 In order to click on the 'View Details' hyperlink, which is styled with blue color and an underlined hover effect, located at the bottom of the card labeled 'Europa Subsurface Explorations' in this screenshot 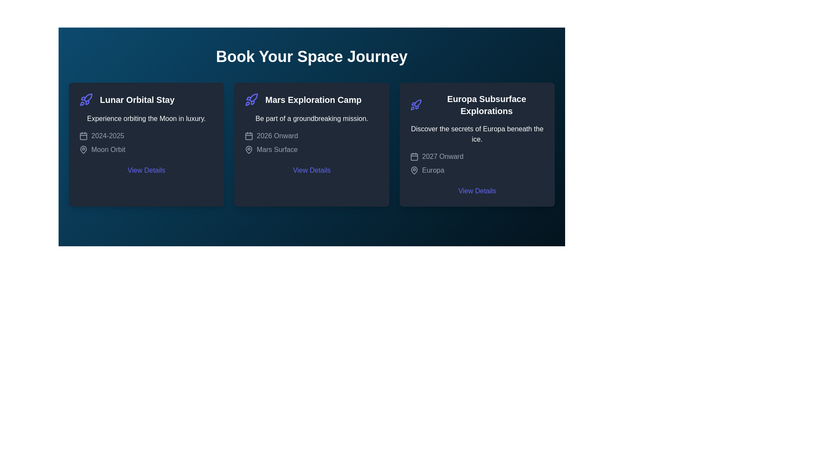, I will do `click(477, 190)`.